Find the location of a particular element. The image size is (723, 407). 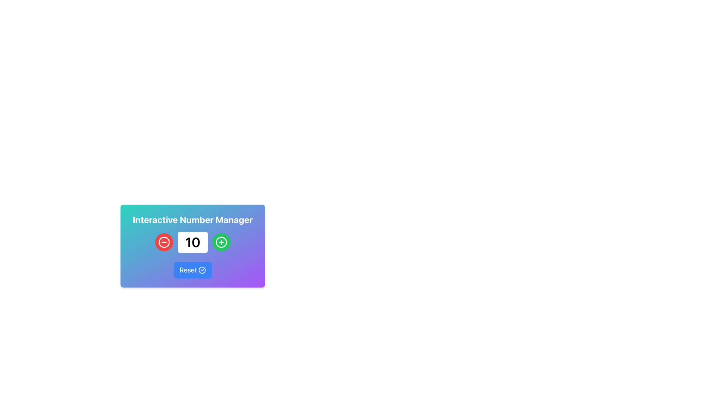

the circular green button with a white plus icon at the bottom of the interface to increment the value is located at coordinates (221, 242).